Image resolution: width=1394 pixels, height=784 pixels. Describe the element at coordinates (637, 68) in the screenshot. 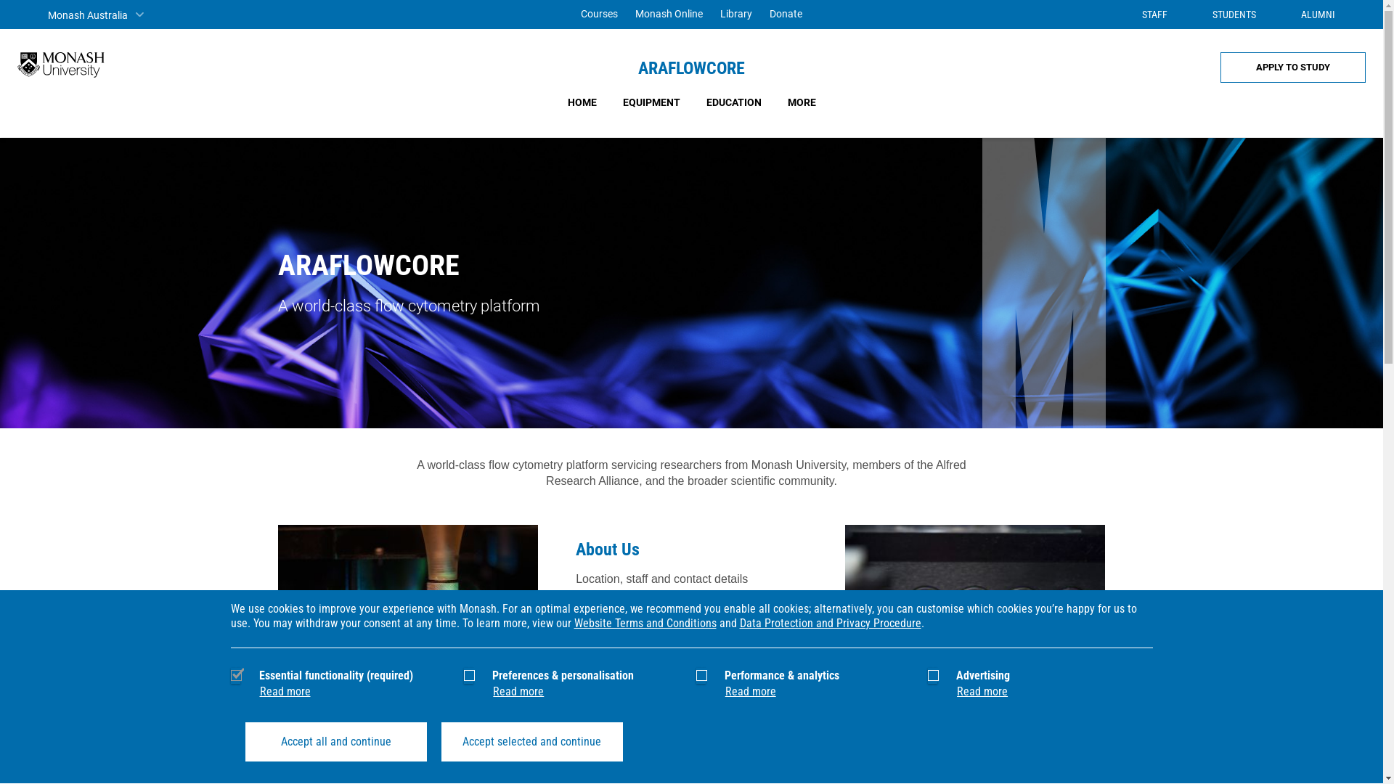

I see `'ARAFLOWCORE'` at that location.